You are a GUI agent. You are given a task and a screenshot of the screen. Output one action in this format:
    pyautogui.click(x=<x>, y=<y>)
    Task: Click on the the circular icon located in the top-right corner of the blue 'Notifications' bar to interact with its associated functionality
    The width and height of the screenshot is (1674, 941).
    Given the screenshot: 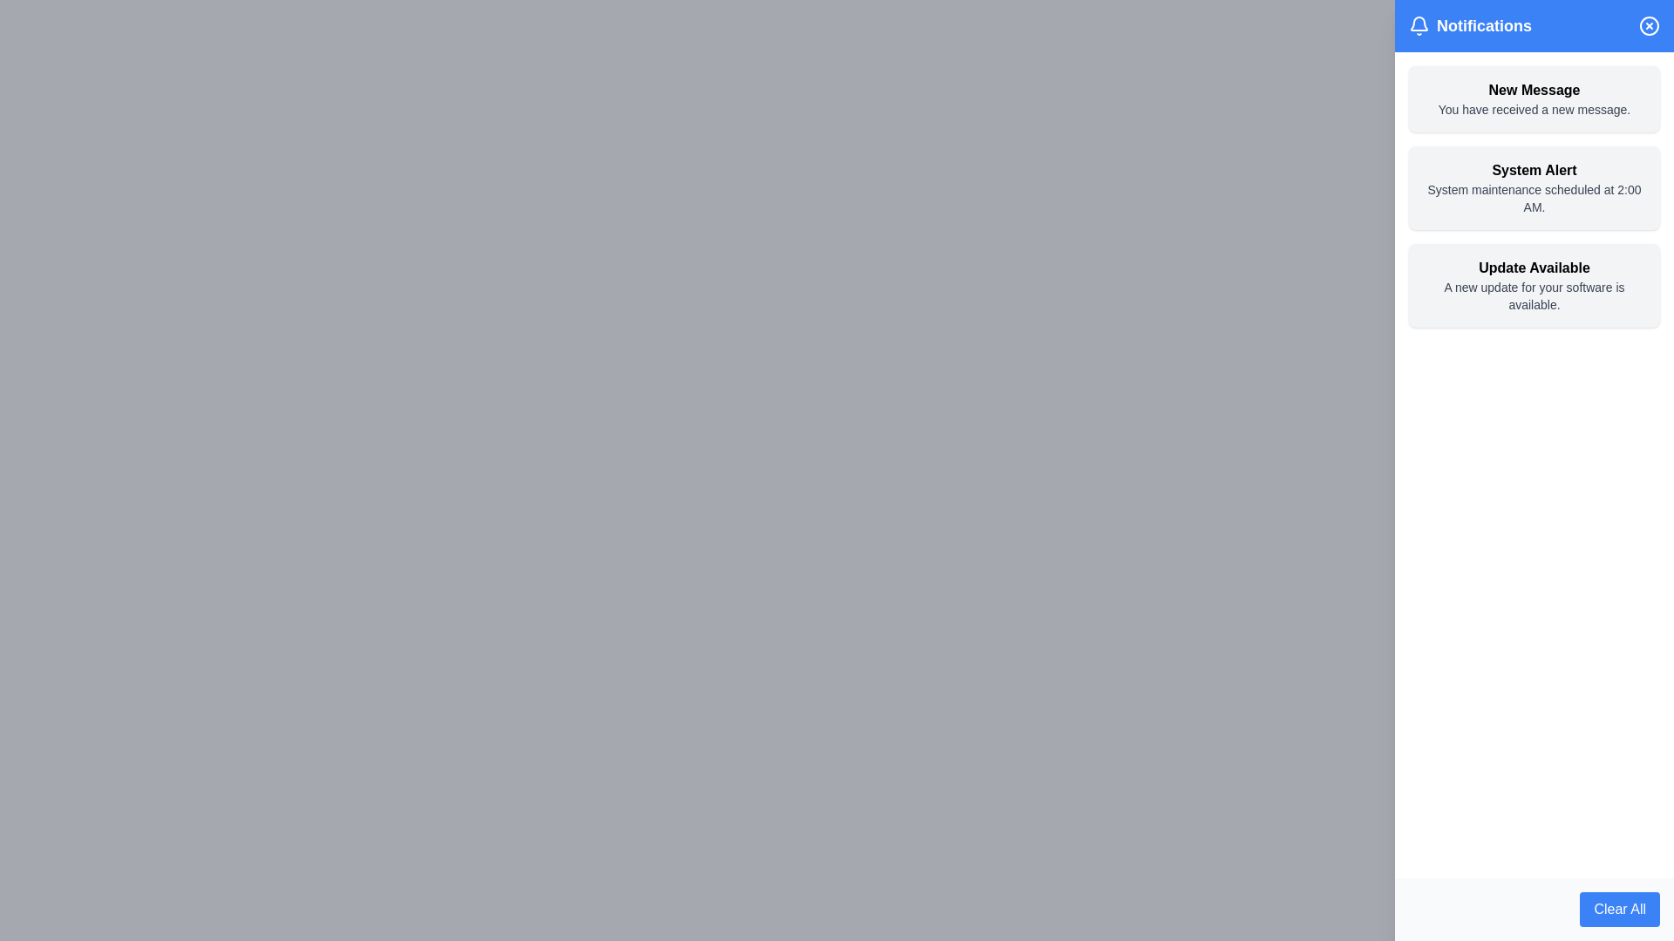 What is the action you would take?
    pyautogui.click(x=1648, y=26)
    